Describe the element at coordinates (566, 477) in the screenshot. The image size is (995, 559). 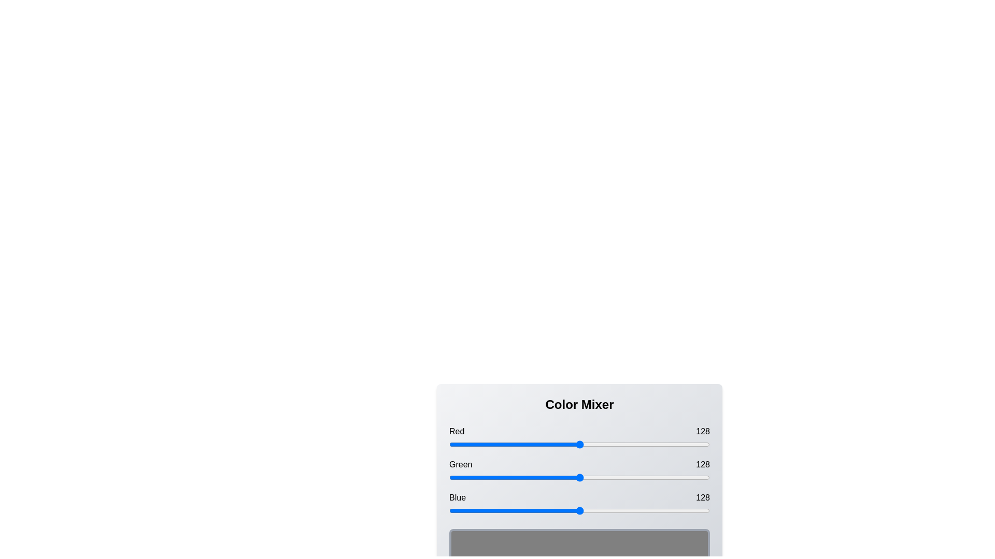
I see `the green slider to set its value to 115` at that location.